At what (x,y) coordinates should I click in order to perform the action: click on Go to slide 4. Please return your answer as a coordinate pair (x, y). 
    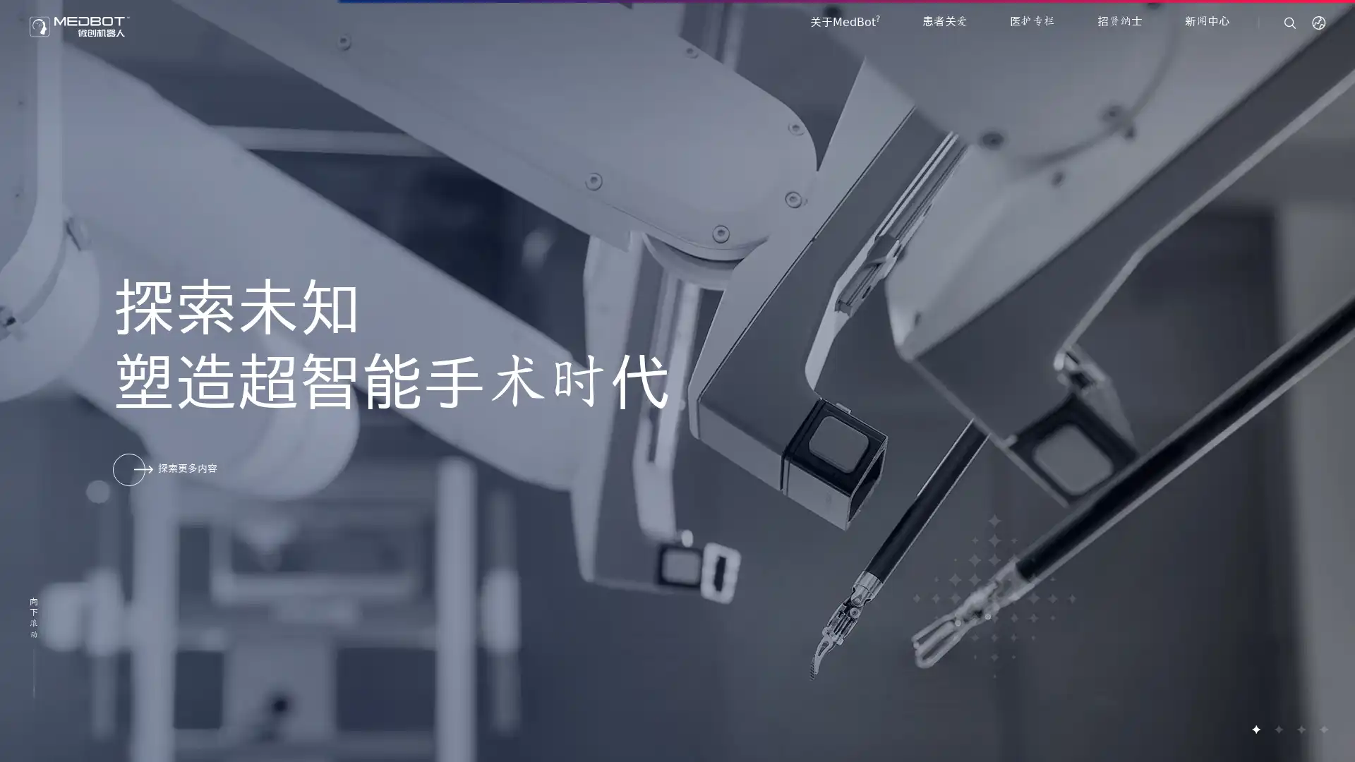
    Looking at the image, I should click on (1323, 729).